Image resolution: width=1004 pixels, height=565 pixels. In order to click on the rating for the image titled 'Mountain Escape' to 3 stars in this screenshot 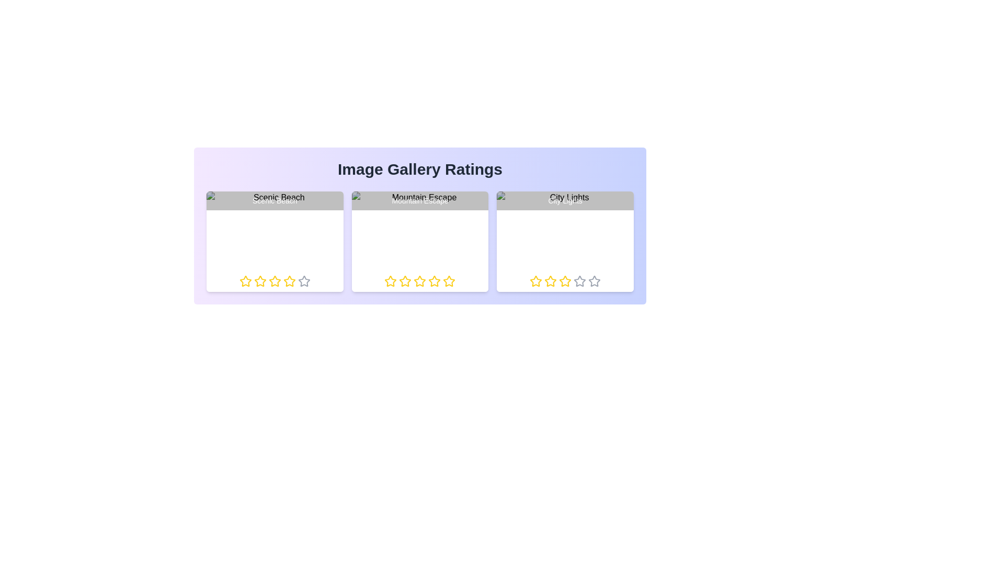, I will do `click(413, 280)`.